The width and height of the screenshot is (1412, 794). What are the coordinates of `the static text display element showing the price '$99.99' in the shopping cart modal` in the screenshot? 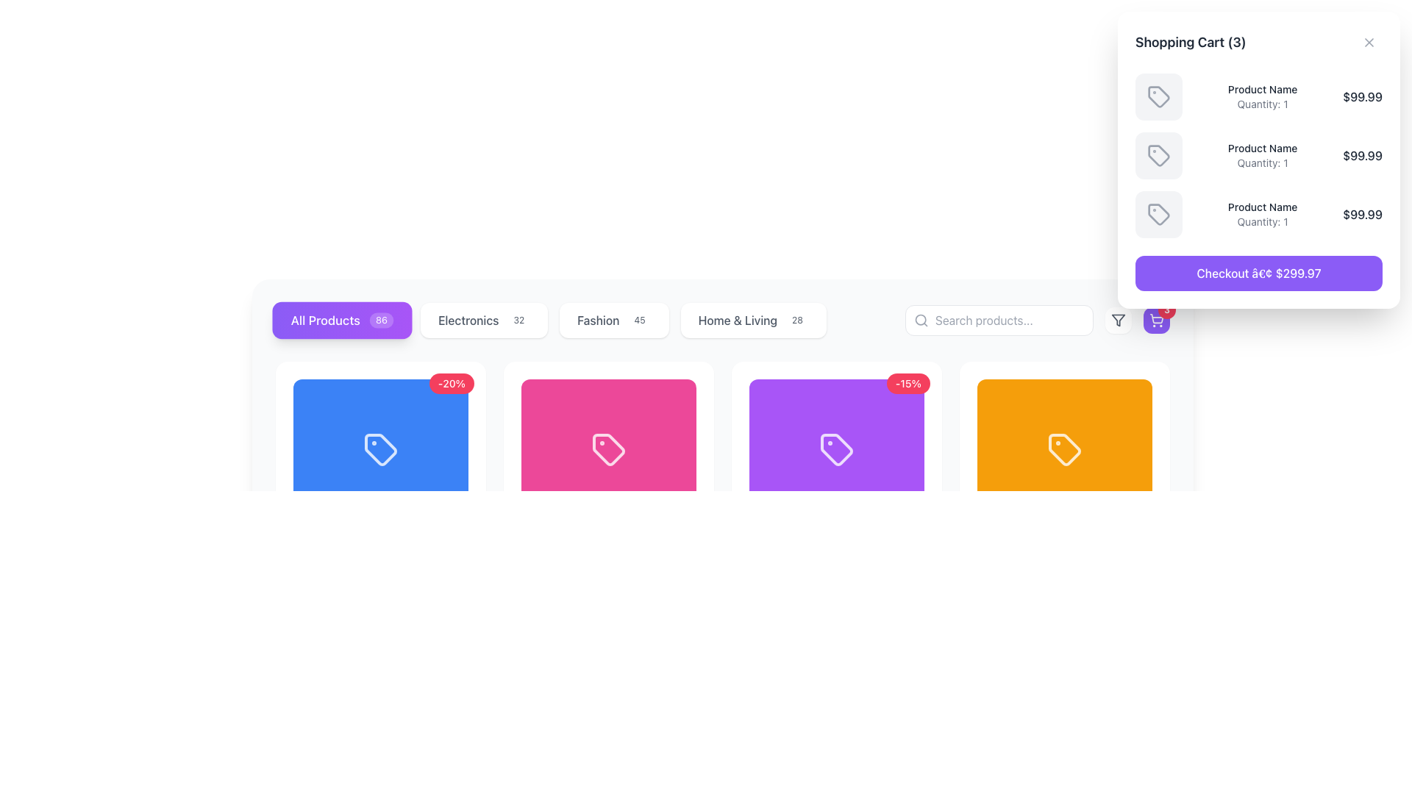 It's located at (1361, 96).